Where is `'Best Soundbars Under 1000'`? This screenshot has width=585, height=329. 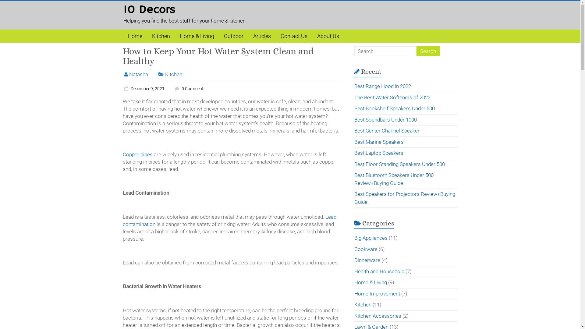 'Best Soundbars Under 1000' is located at coordinates (354, 119).